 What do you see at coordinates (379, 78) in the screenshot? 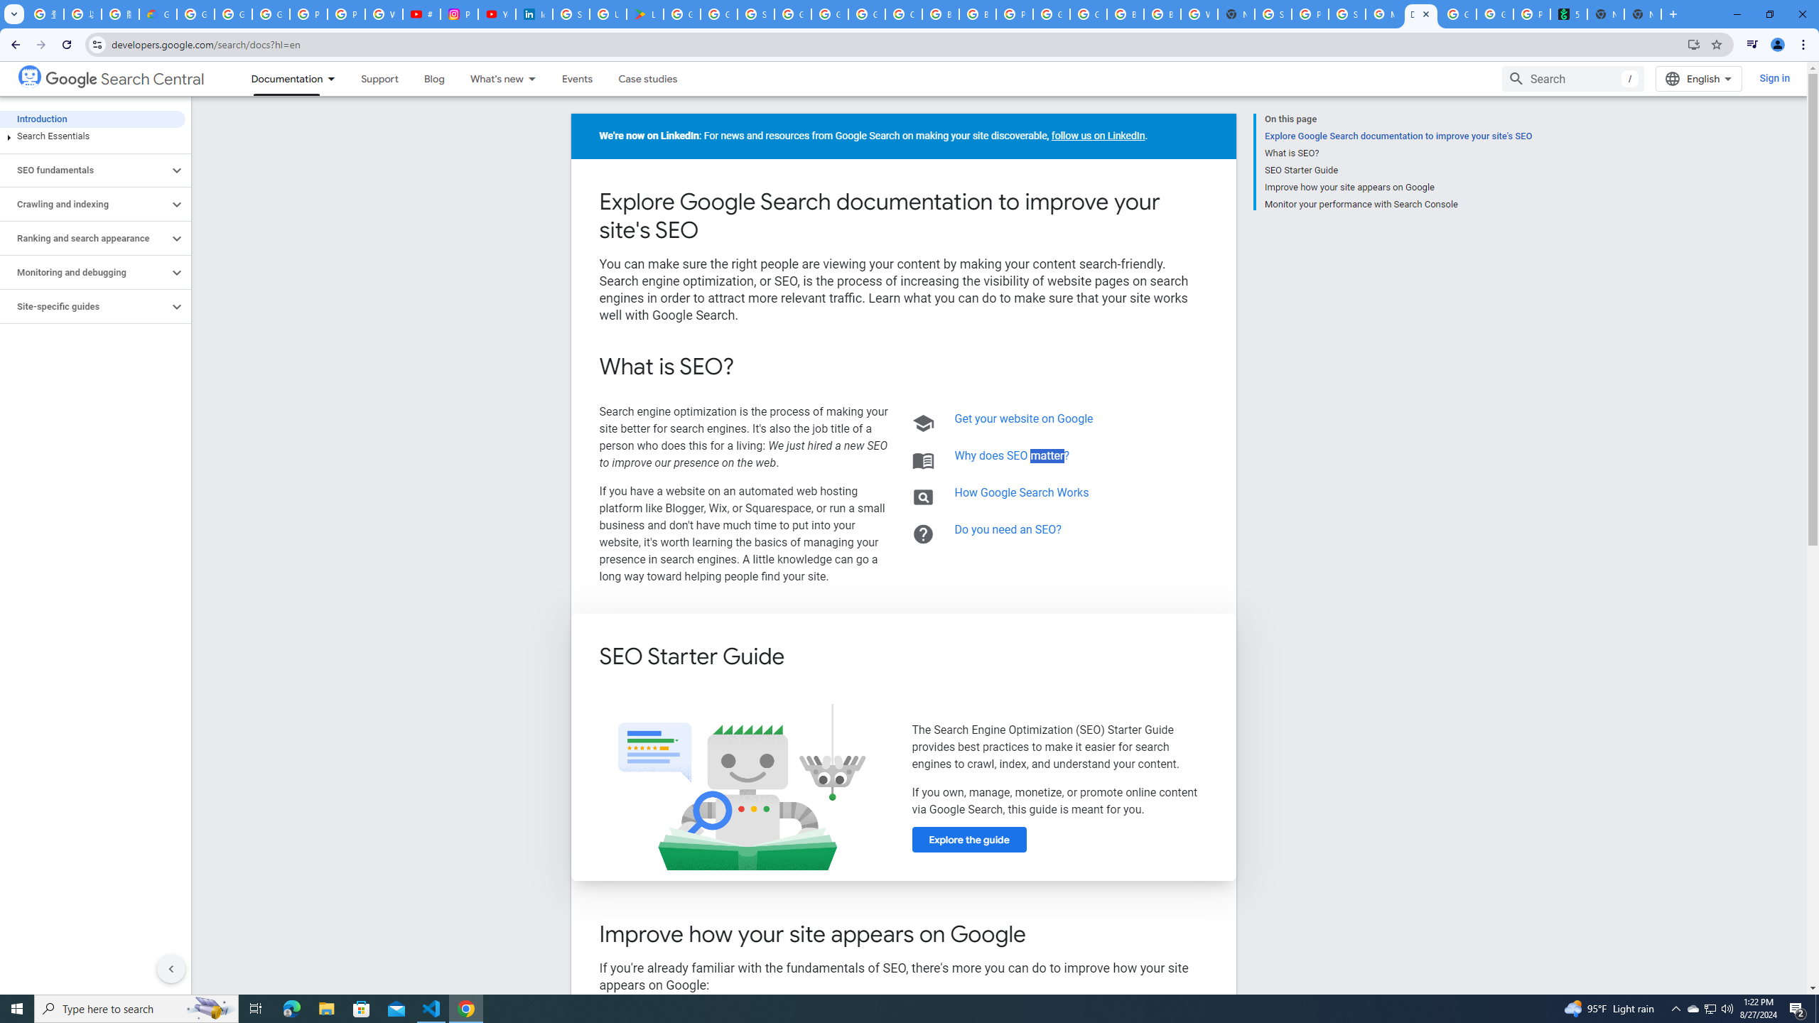
I see `'Support'` at bounding box center [379, 78].